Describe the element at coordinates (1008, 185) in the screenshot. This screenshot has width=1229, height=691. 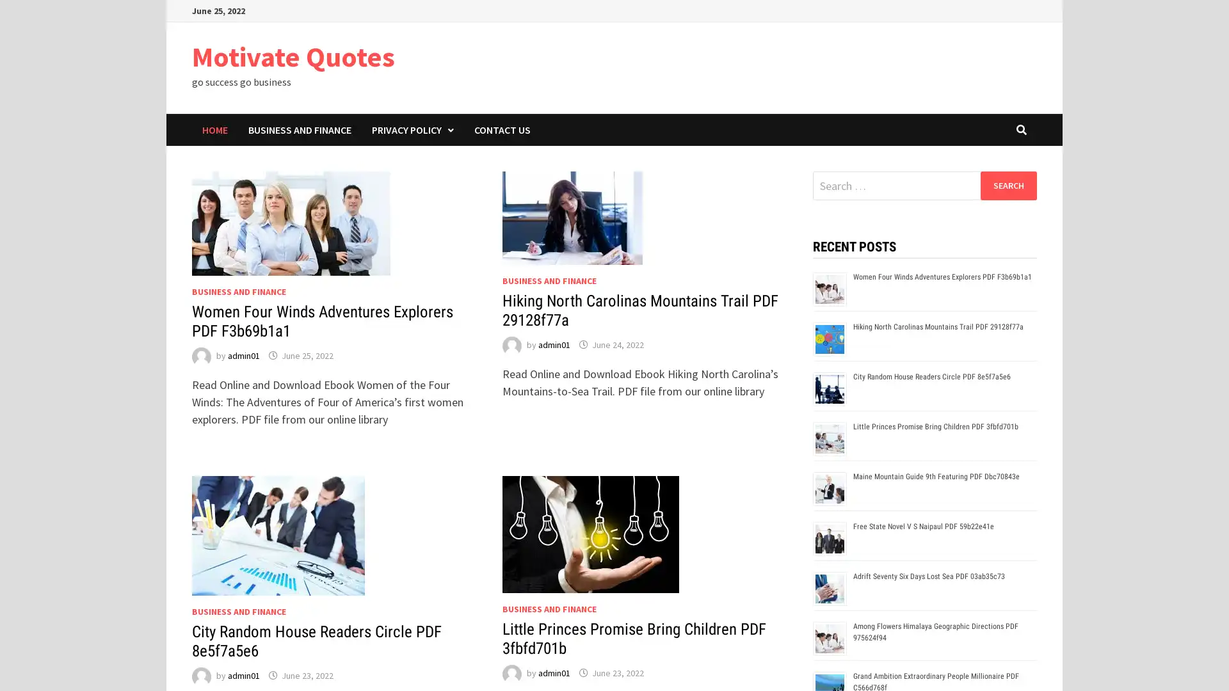
I see `Search` at that location.